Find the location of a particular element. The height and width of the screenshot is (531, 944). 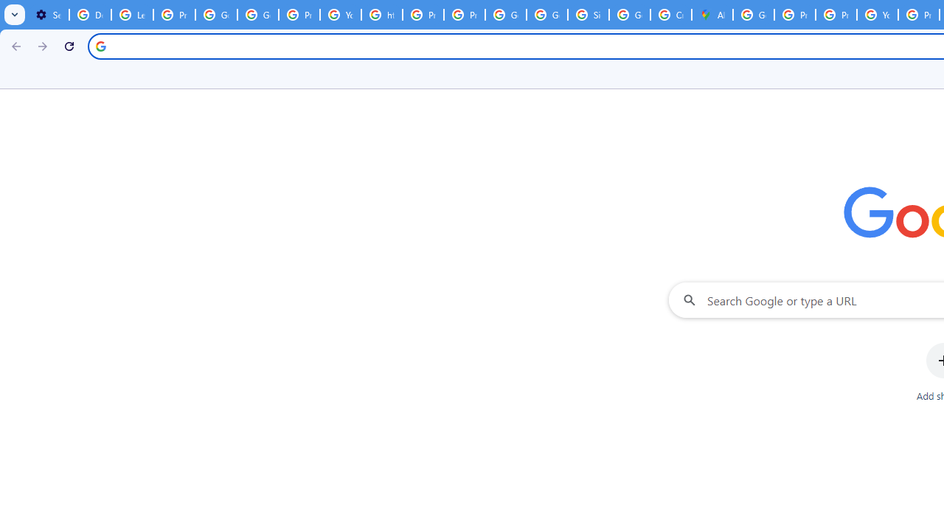

'Google Account Help' is located at coordinates (215, 15).